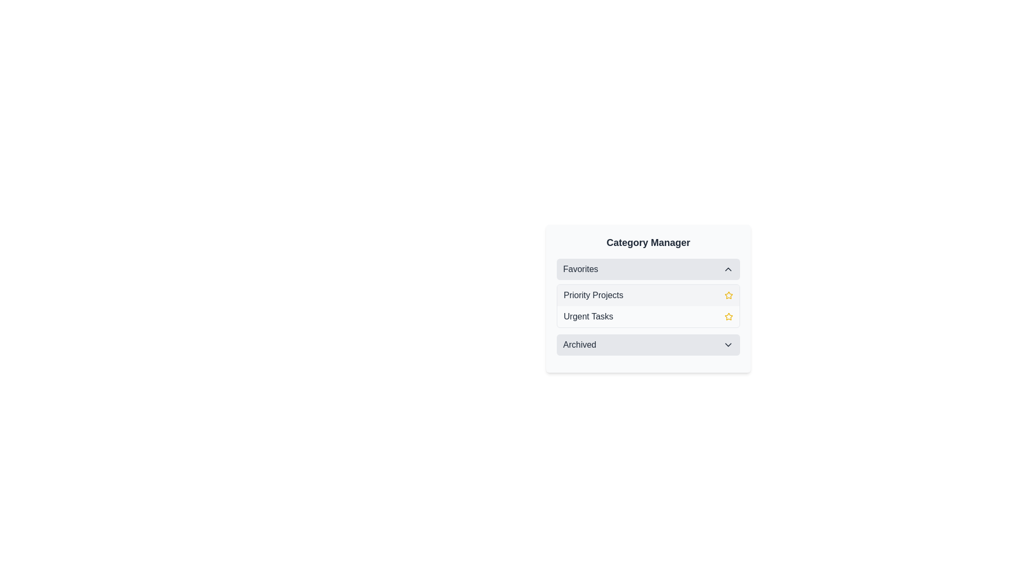  What do you see at coordinates (648, 345) in the screenshot?
I see `the 'Archived' menu item located at the bottom of the 'Category Manager' section` at bounding box center [648, 345].